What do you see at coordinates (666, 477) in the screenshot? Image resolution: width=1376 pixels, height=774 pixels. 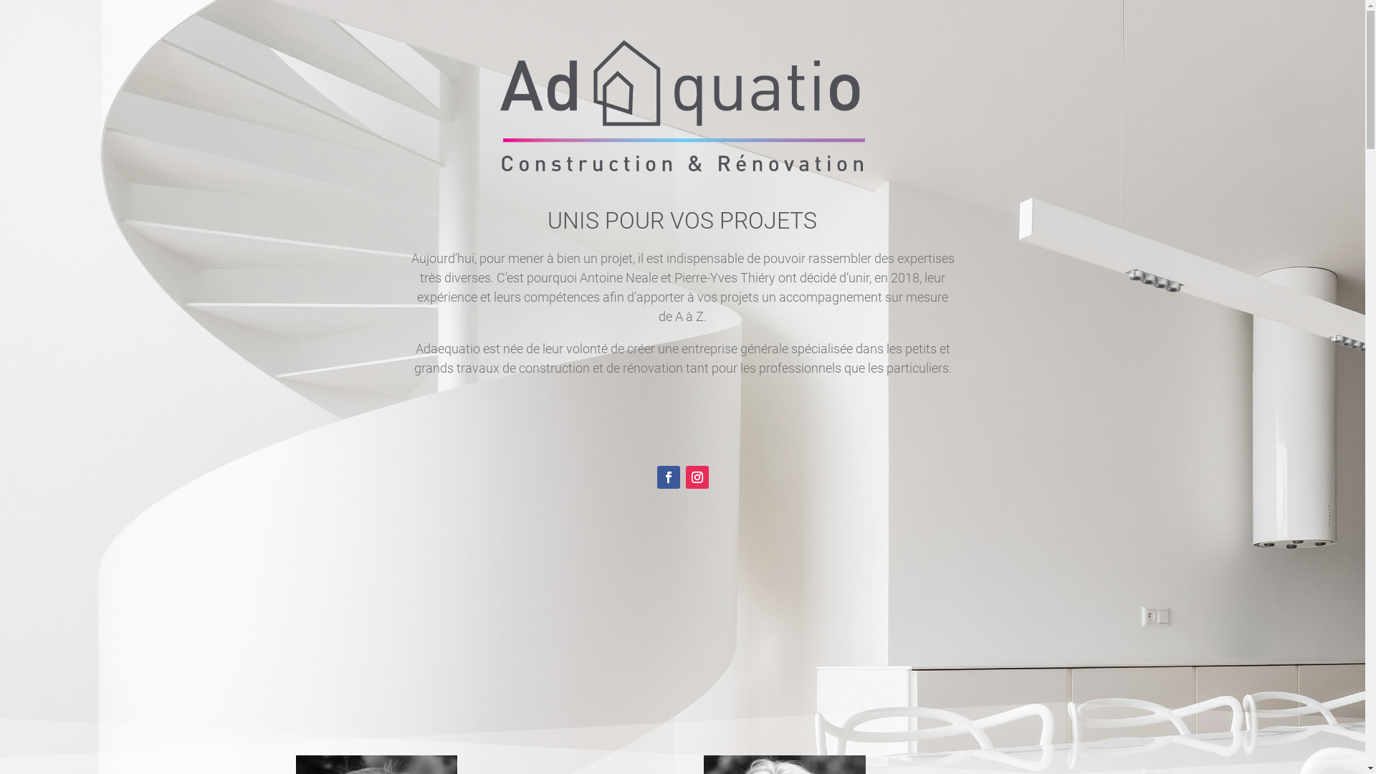 I see `'Follow on Facebook'` at bounding box center [666, 477].